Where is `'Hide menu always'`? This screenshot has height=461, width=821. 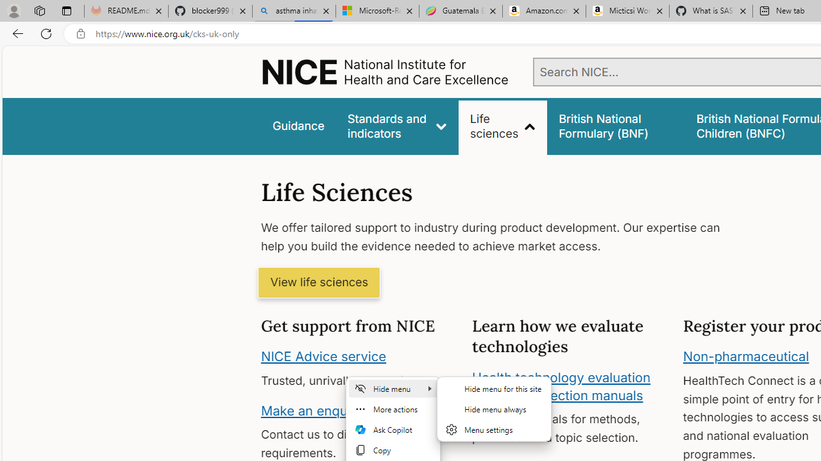 'Hide menu always' is located at coordinates (493, 409).